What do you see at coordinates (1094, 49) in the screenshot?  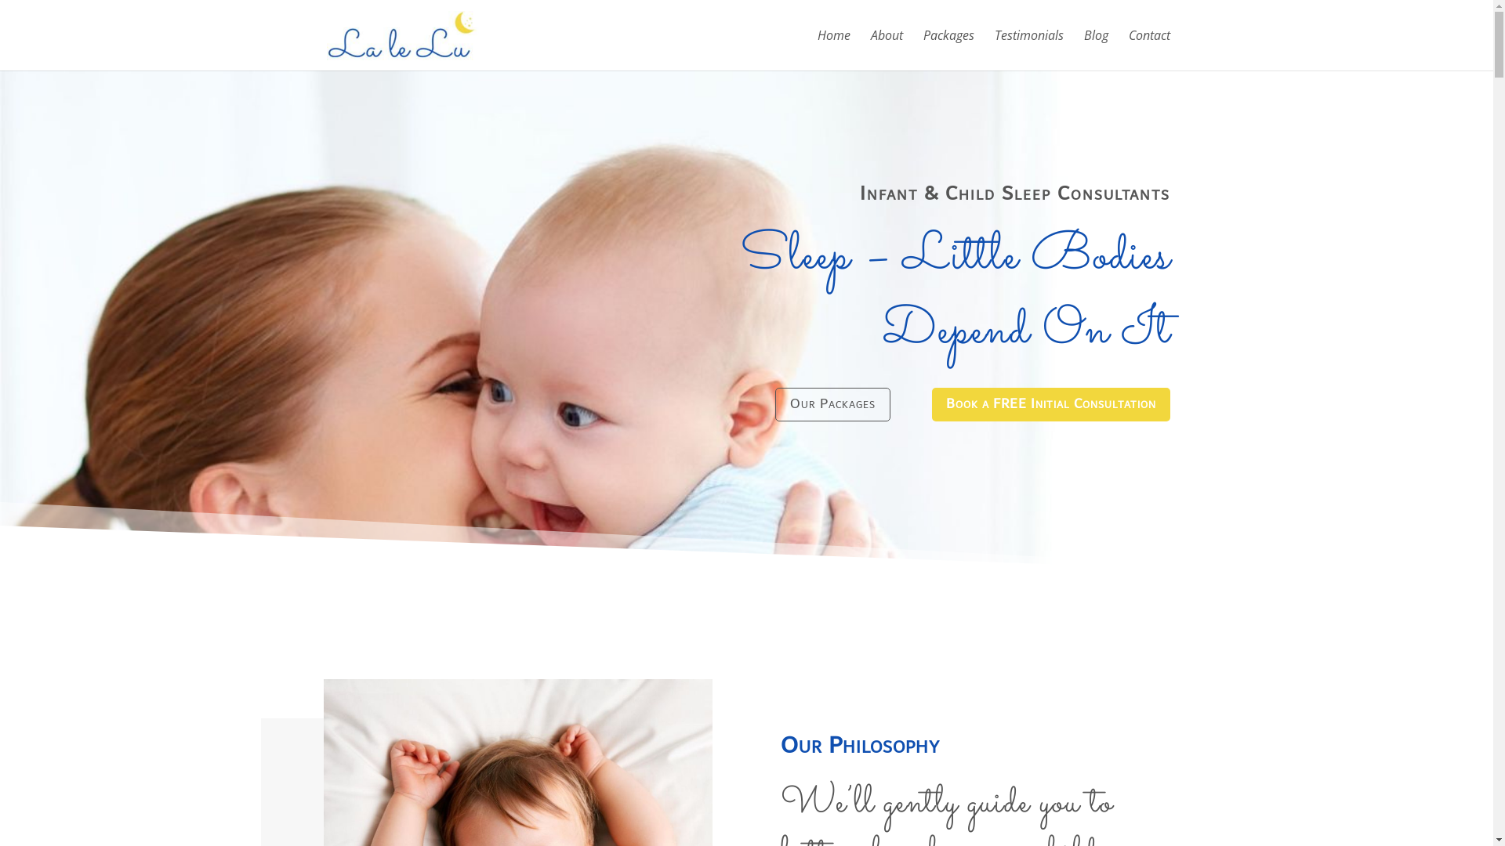 I see `'Blog'` at bounding box center [1094, 49].